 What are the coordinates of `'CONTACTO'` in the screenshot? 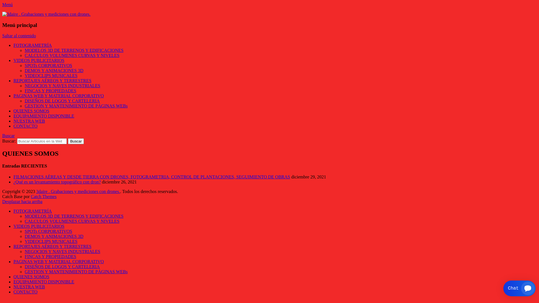 It's located at (25, 126).